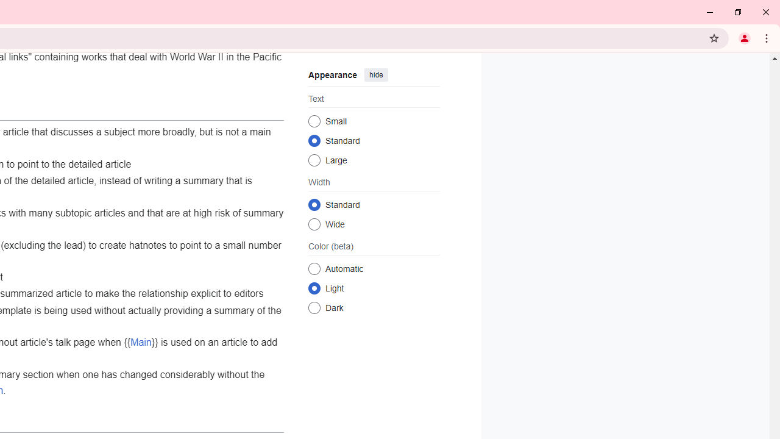  Describe the element at coordinates (314, 159) in the screenshot. I see `'Large'` at that location.